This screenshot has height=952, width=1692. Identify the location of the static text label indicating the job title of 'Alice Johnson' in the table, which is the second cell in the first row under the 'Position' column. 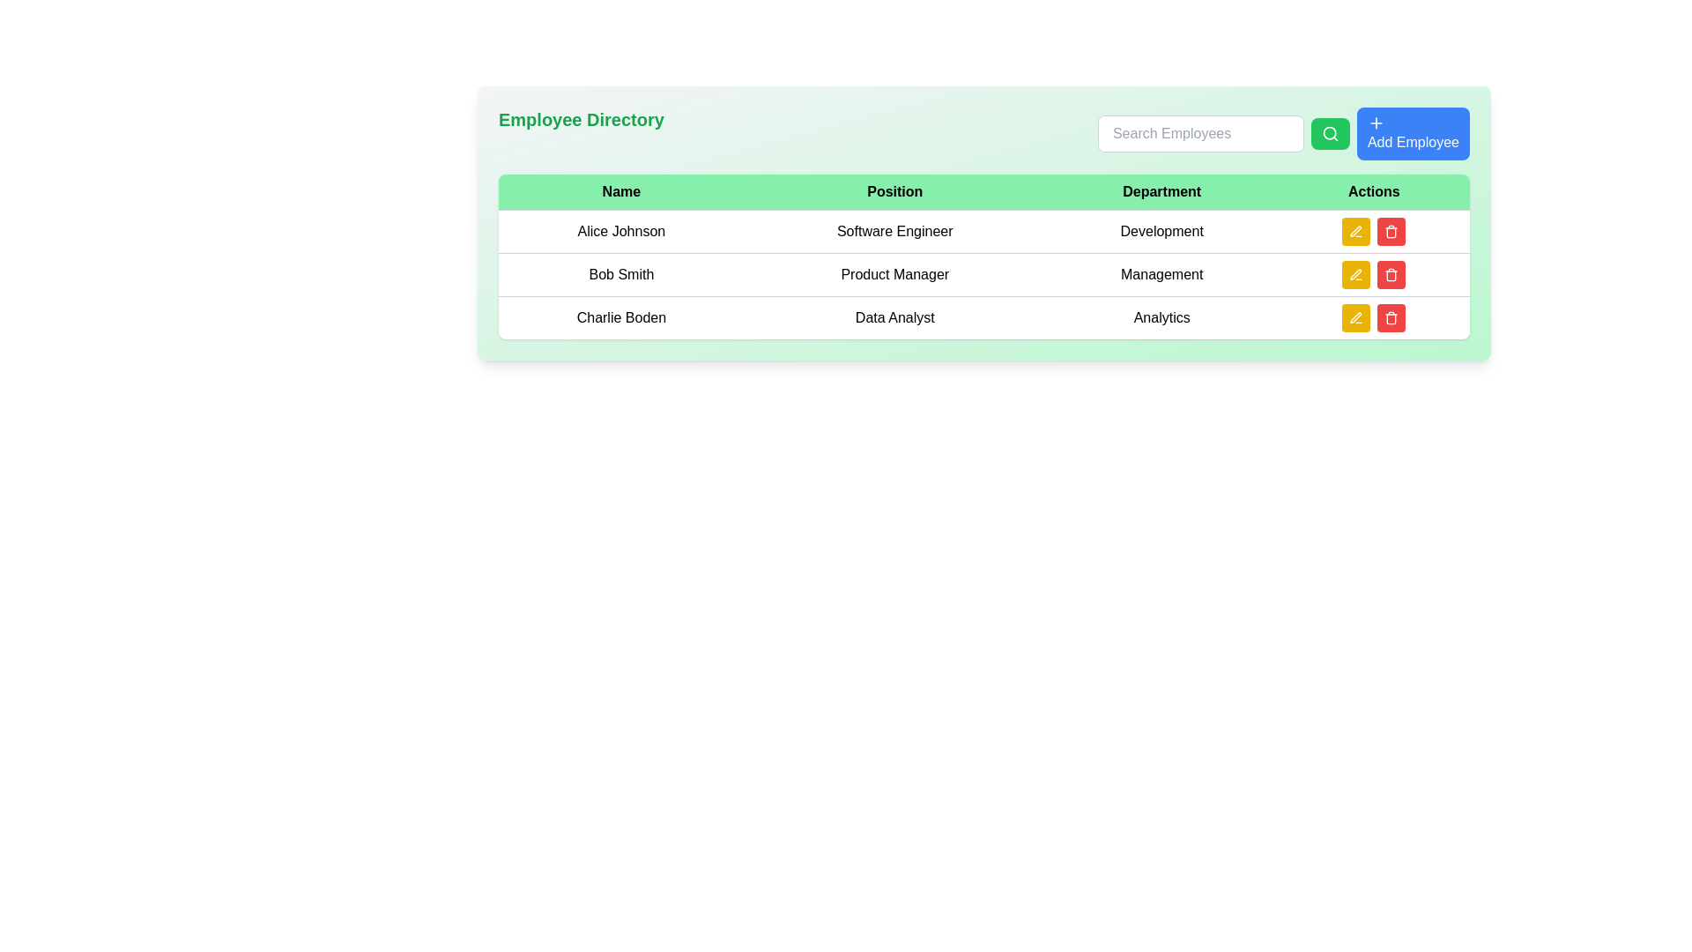
(894, 230).